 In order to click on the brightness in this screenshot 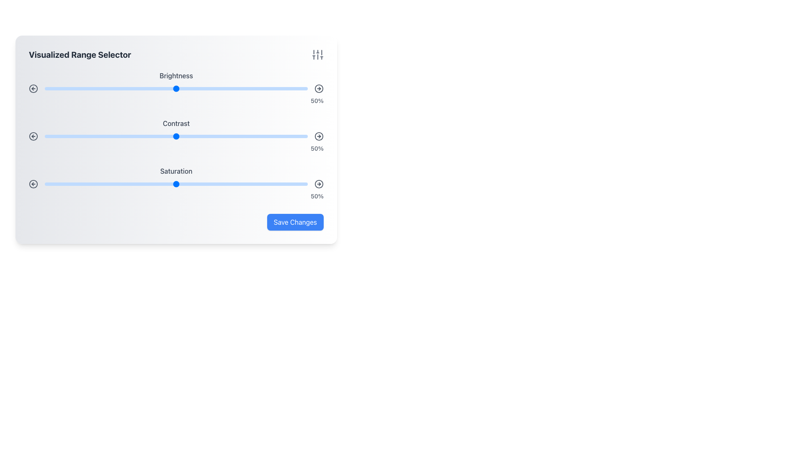, I will do `click(121, 89)`.